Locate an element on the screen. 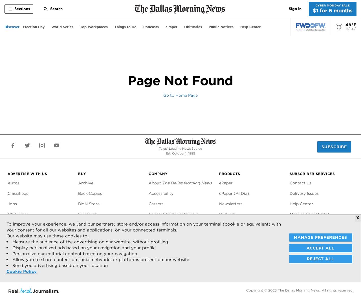 The width and height of the screenshot is (361, 298). 'Help Center' is located at coordinates (301, 203).